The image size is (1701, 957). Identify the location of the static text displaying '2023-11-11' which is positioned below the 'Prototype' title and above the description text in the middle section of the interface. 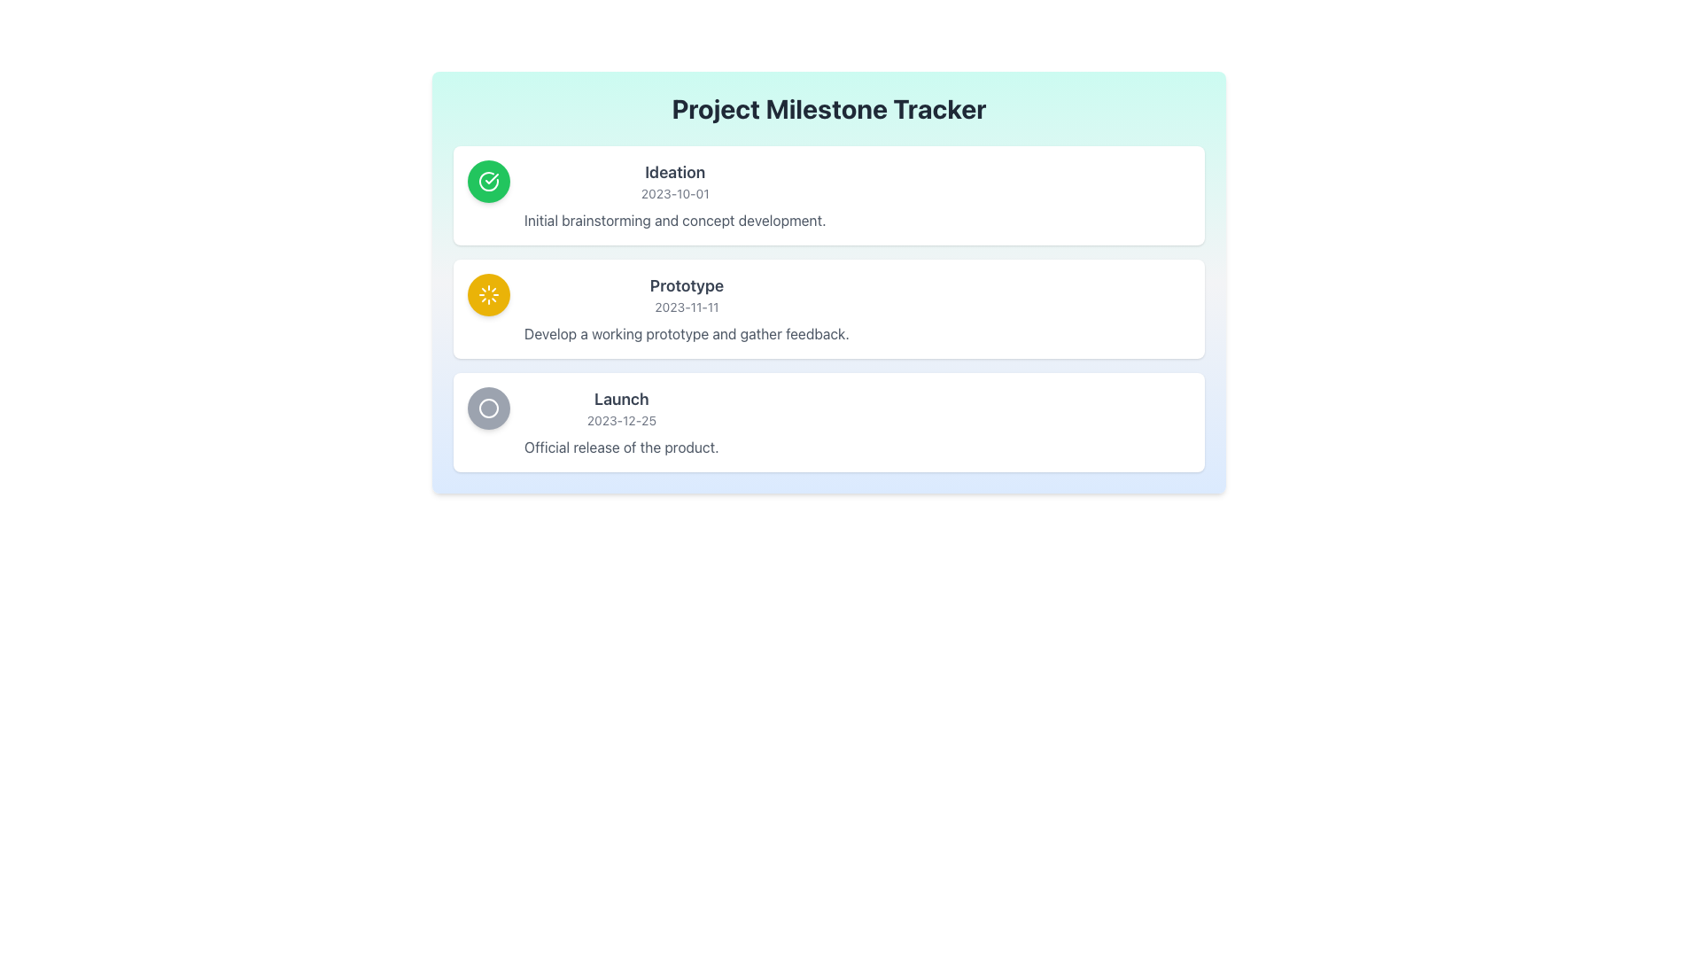
(686, 307).